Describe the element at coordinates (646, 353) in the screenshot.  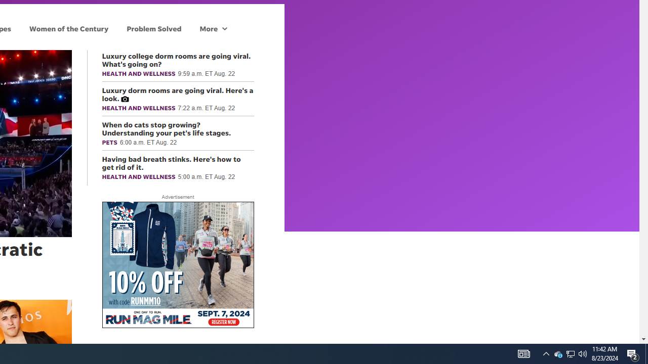
I see `'Action Center, 2 new notifications'` at that location.